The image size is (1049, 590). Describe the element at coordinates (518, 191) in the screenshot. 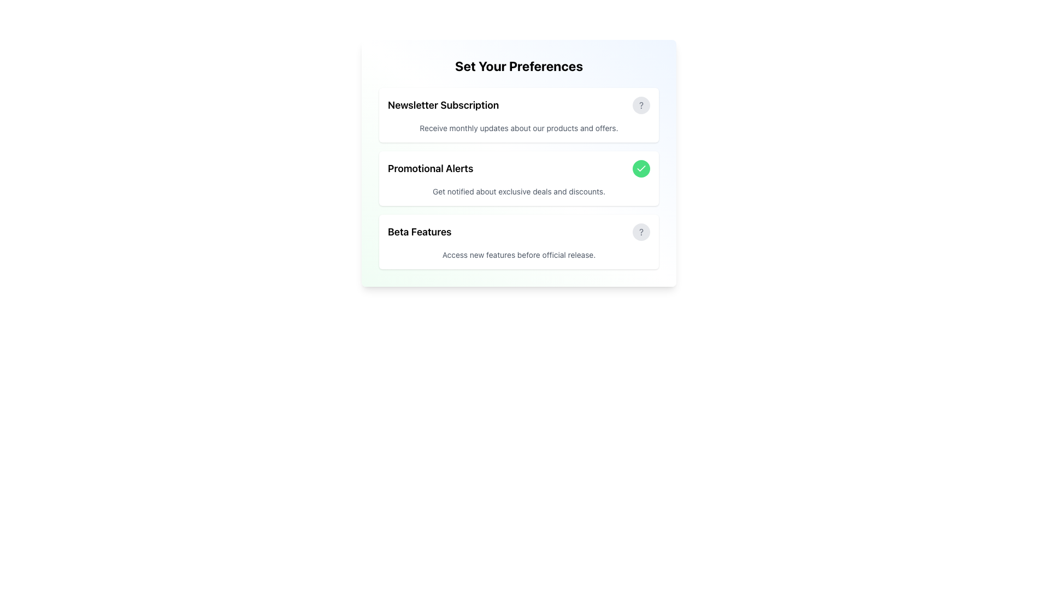

I see `the text label that reads 'Get notified about exclusive deals and discounts.' which is located beneath the 'Promotional Alerts' heading` at that location.